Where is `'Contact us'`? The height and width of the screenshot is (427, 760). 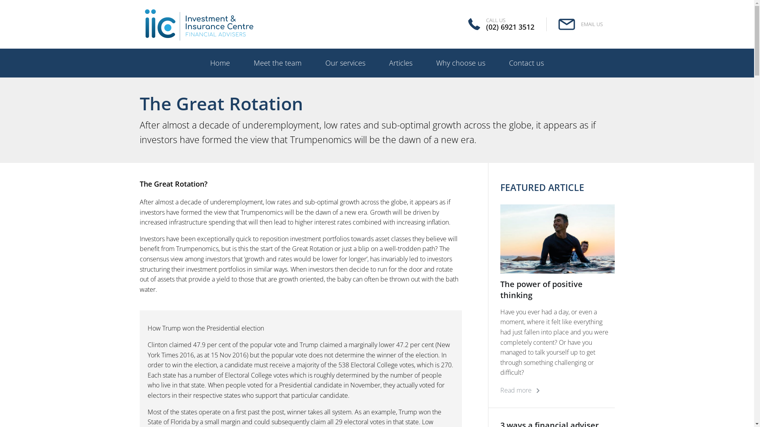
'Contact us' is located at coordinates (526, 62).